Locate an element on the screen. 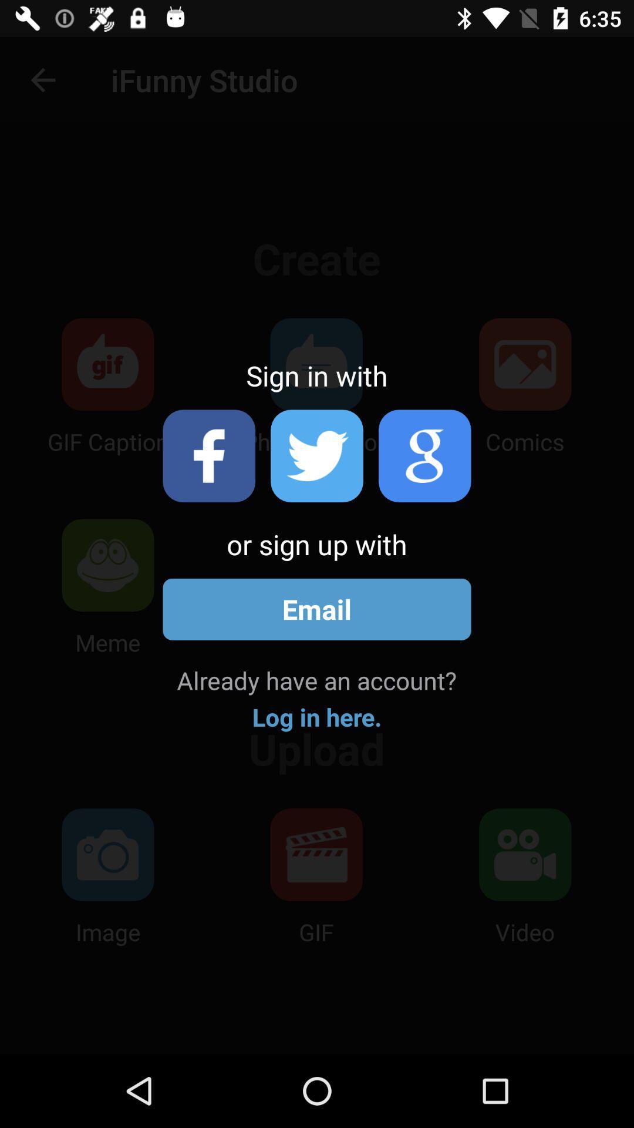 The image size is (634, 1128). sign in with google profile is located at coordinates (424, 455).